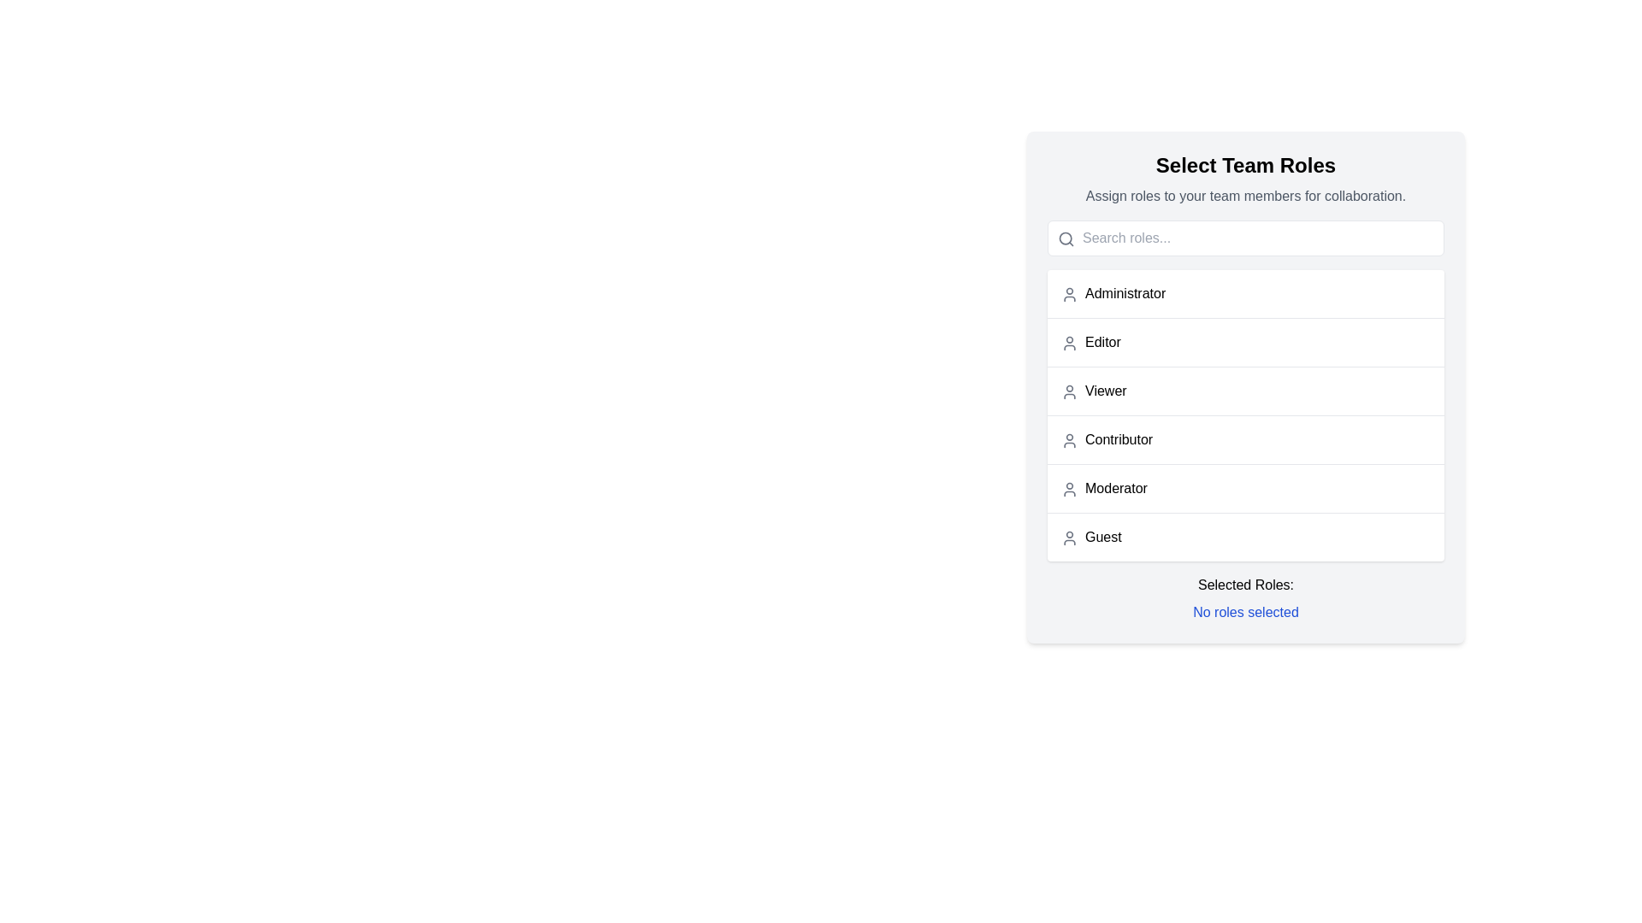 The height and width of the screenshot is (923, 1642). Describe the element at coordinates (1246, 390) in the screenshot. I see `the 'Viewer' selectable list item in the role selection interface` at that location.